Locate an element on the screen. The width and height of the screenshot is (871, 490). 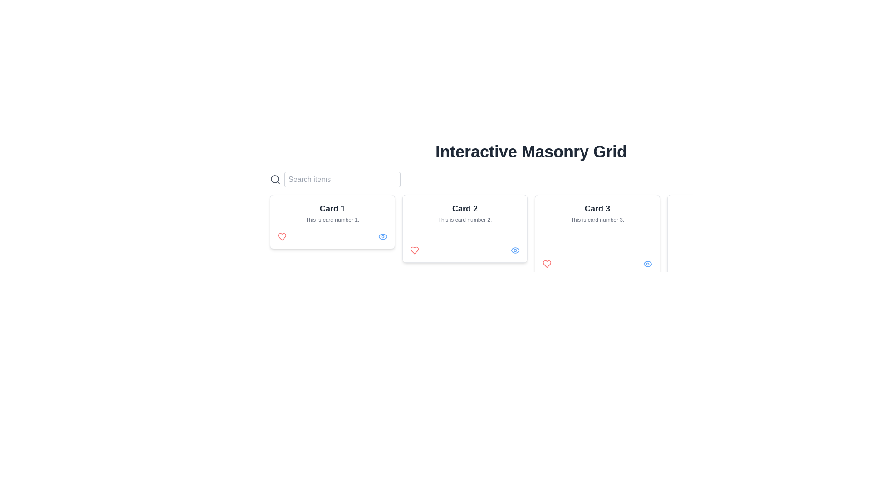
the circular blue button resembling an eye icon located in the bottom-right corner of 'Card 1' to trigger the tooltip or hover effect is located at coordinates (383, 236).